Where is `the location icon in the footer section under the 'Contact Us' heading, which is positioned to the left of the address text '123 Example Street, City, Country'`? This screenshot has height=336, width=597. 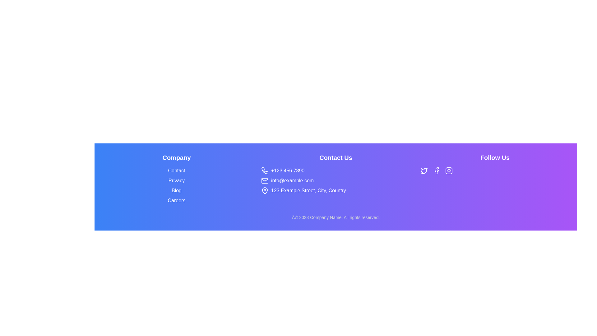
the location icon in the footer section under the 'Contact Us' heading, which is positioned to the left of the address text '123 Example Street, City, Country' is located at coordinates (265, 190).